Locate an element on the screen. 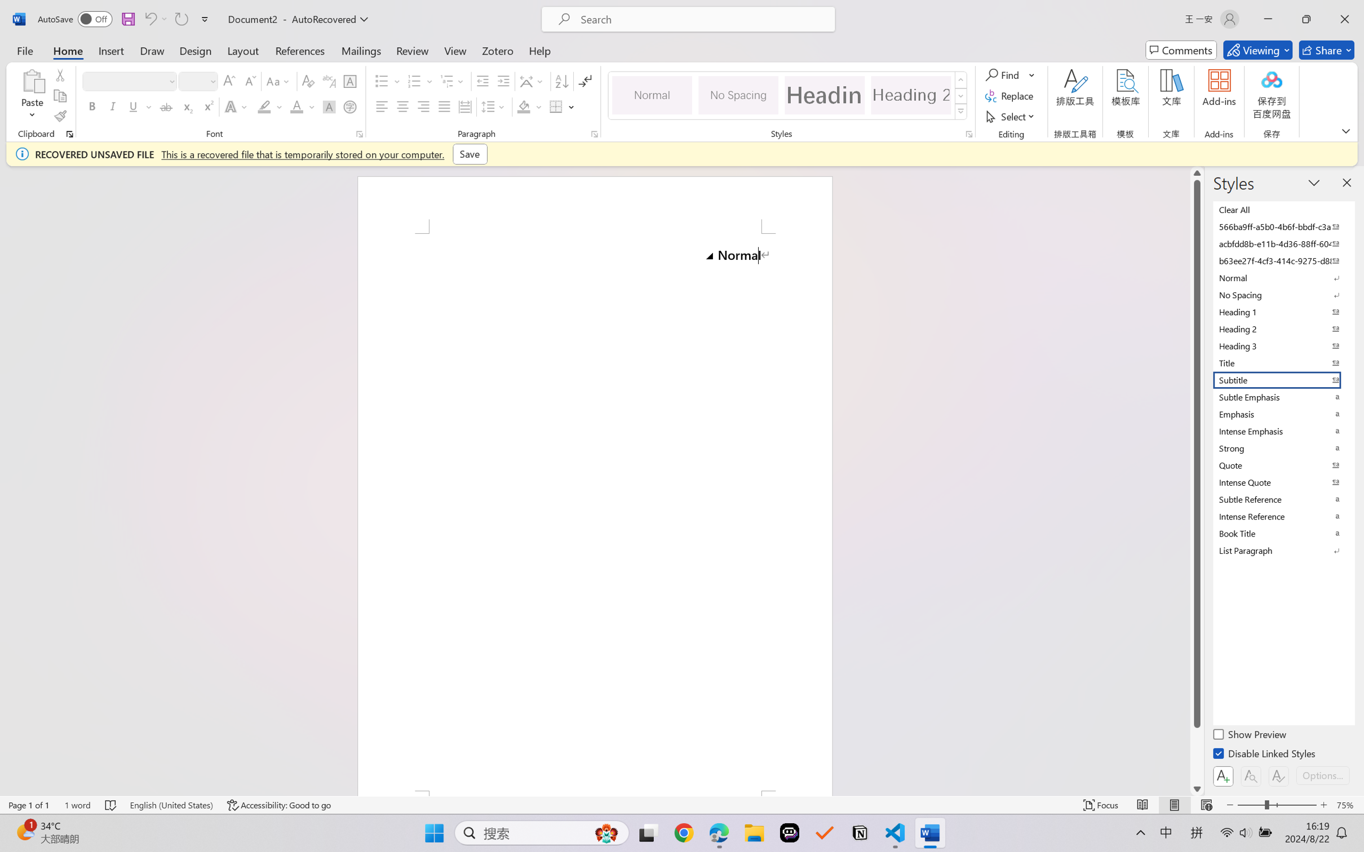  'Font Color' is located at coordinates (302, 106).